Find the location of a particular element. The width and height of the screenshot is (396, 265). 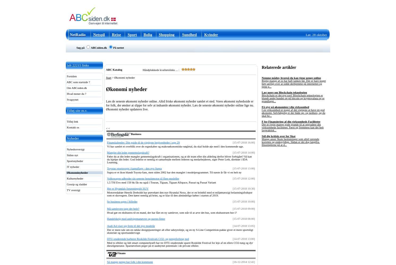

'IT nyheder' is located at coordinates (72, 167).